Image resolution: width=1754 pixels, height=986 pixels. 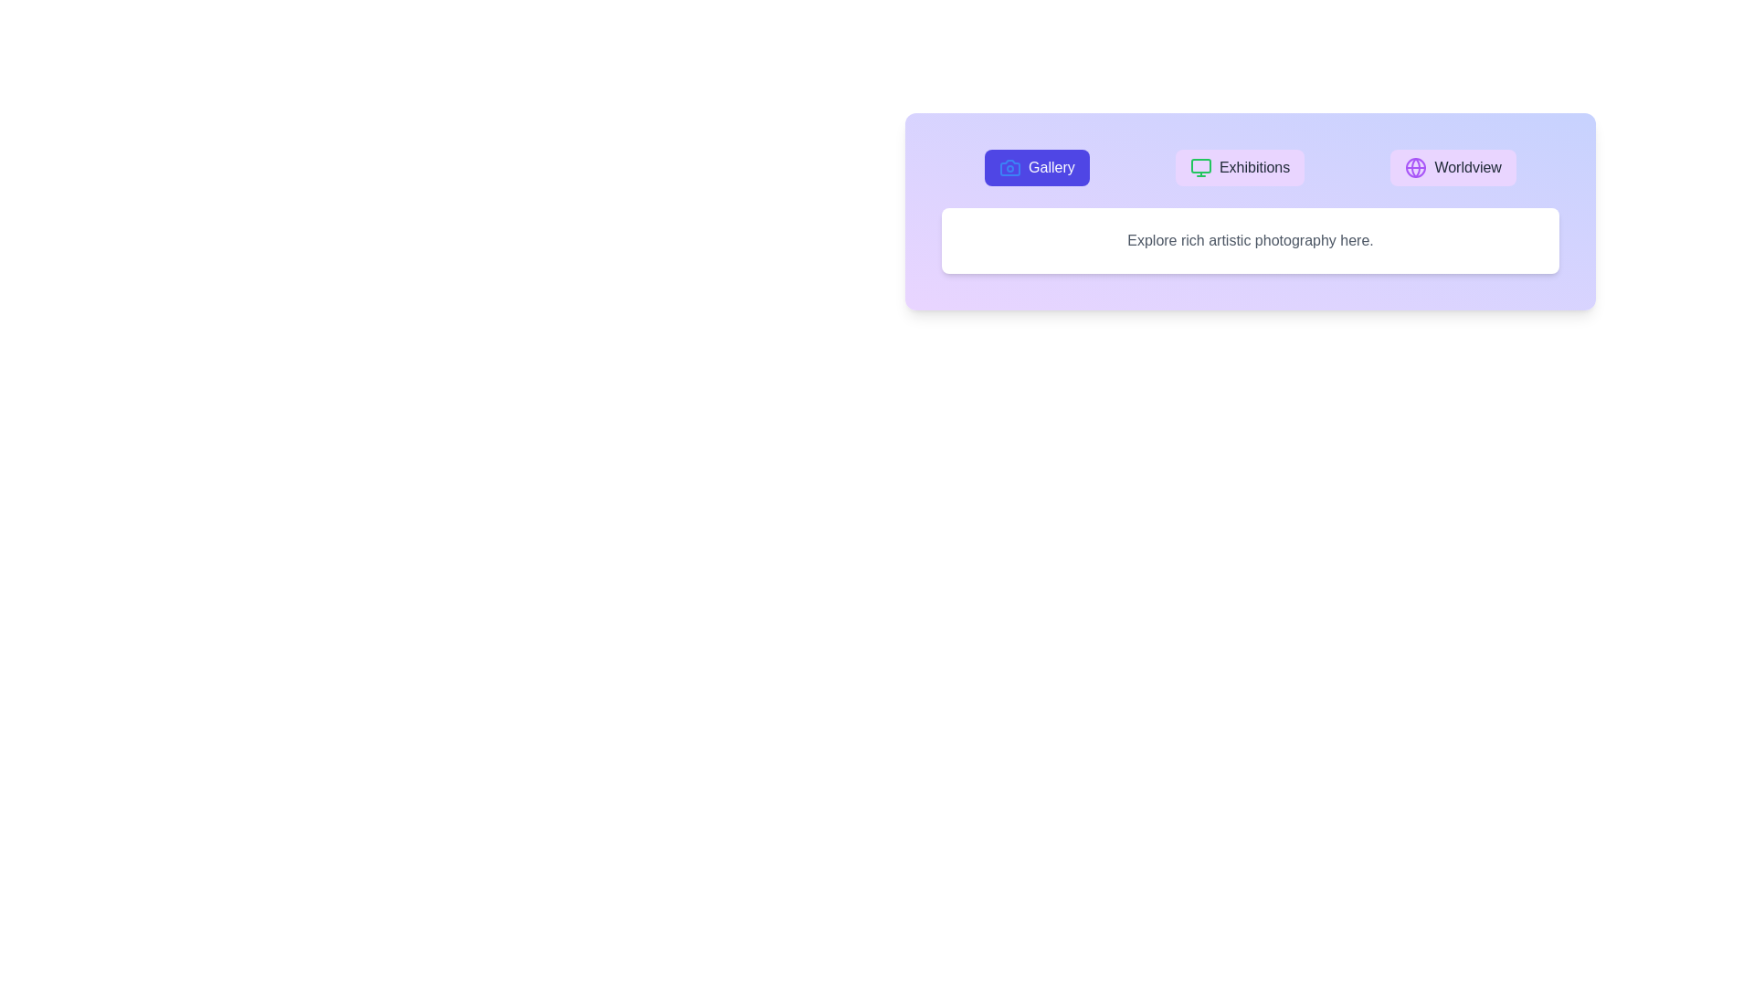 I want to click on the active tab labeled 'Gallery', so click(x=1036, y=168).